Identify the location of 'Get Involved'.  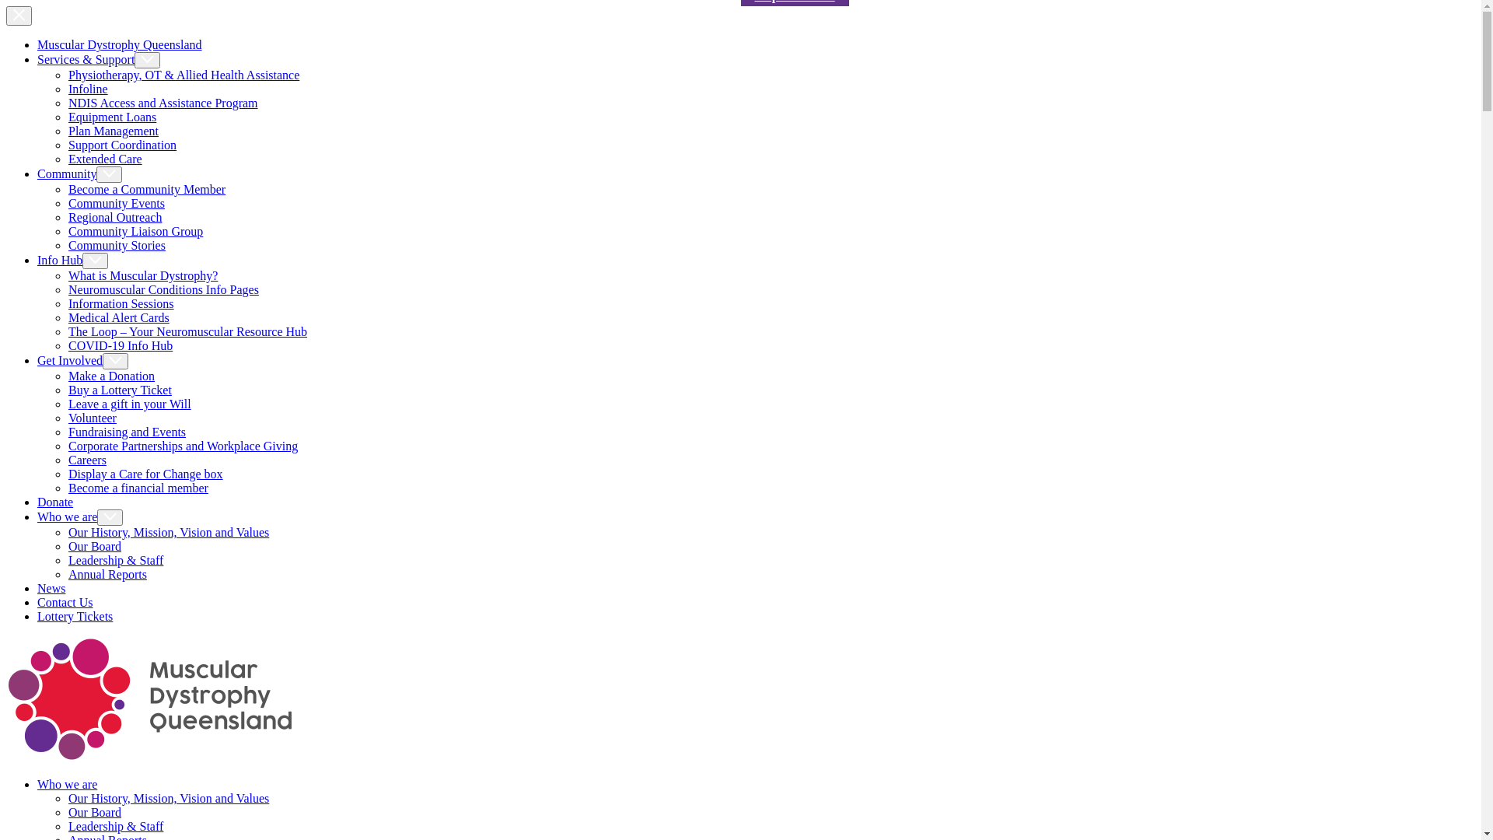
(82, 360).